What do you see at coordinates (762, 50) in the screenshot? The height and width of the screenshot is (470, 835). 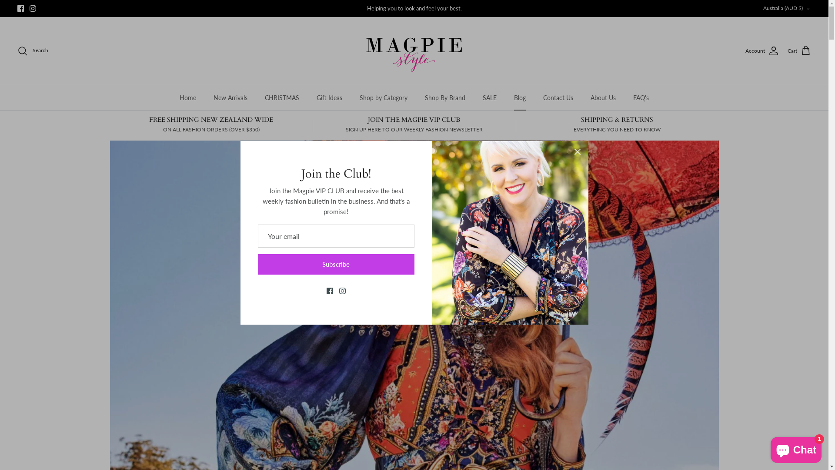 I see `'Account'` at bounding box center [762, 50].